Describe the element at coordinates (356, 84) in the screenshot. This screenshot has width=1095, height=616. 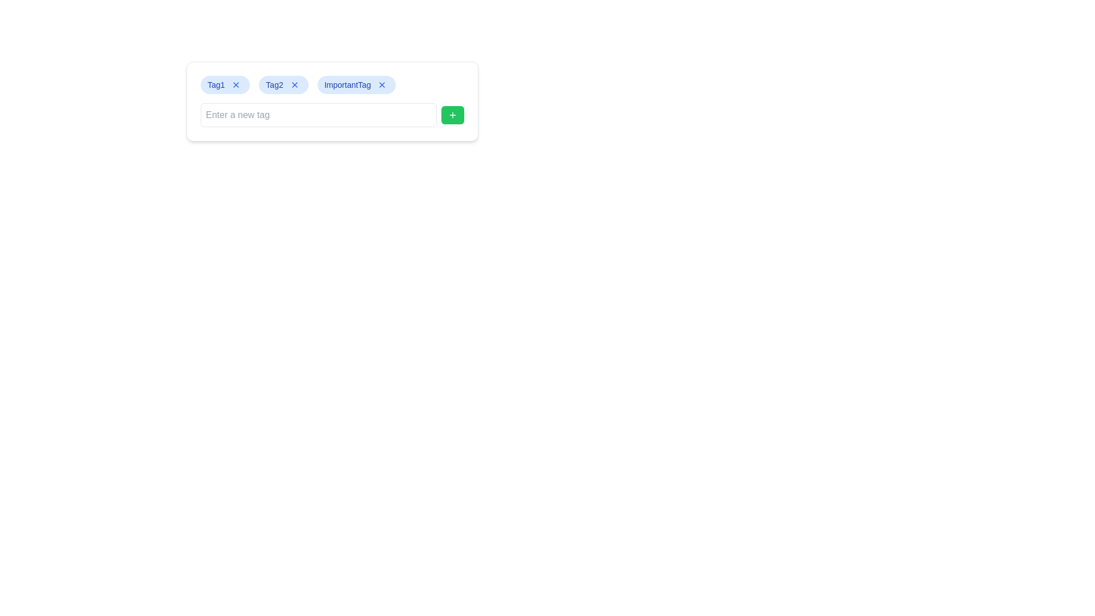
I see `the 'ImportantTag' tag component, which is styled with a light blue pill-shaped background and features a close button with a blue 'X' icon` at that location.